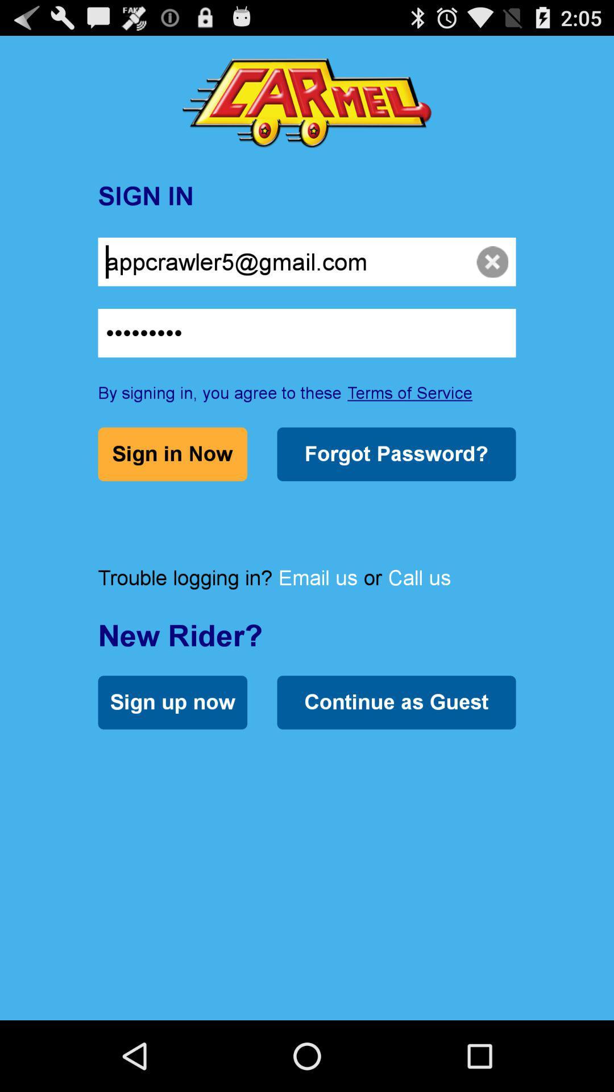  Describe the element at coordinates (307, 332) in the screenshot. I see `crowd3116` at that location.